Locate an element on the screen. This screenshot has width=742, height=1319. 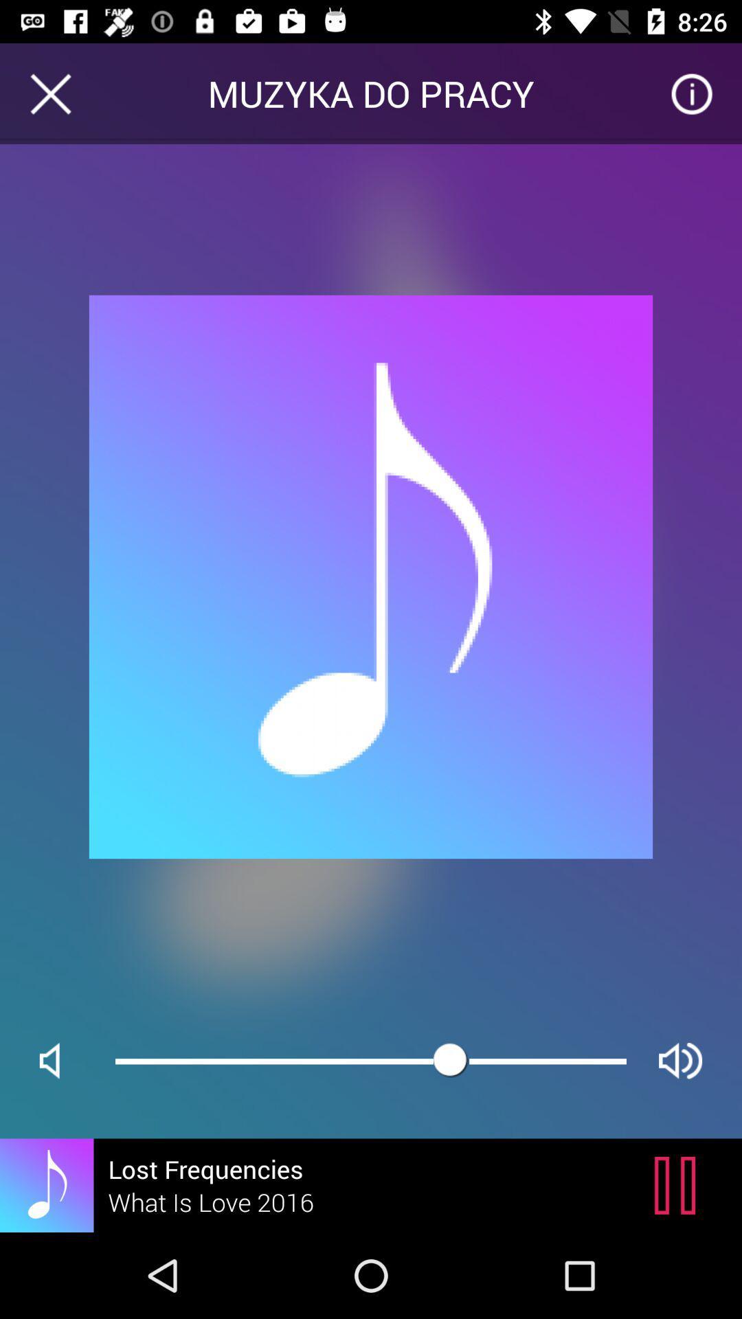
icon next to muzyka do pracy item is located at coordinates (691, 93).